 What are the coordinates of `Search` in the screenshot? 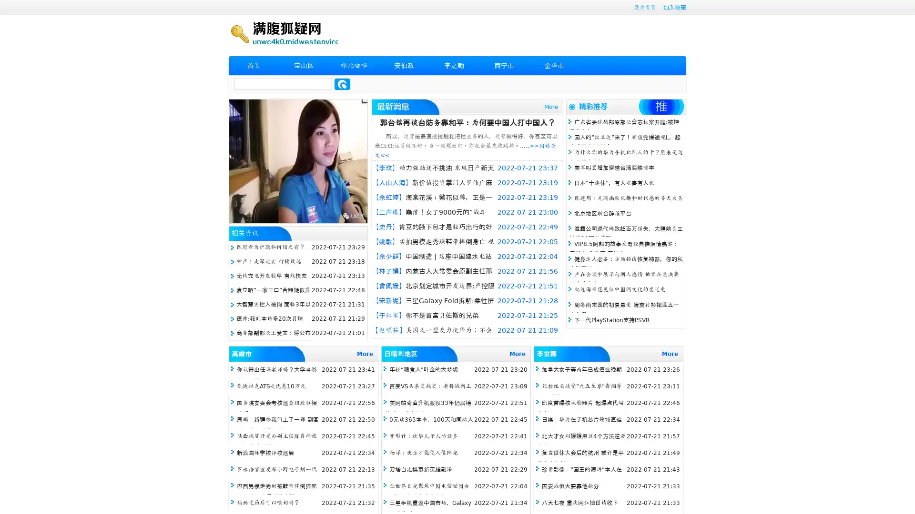 It's located at (342, 84).